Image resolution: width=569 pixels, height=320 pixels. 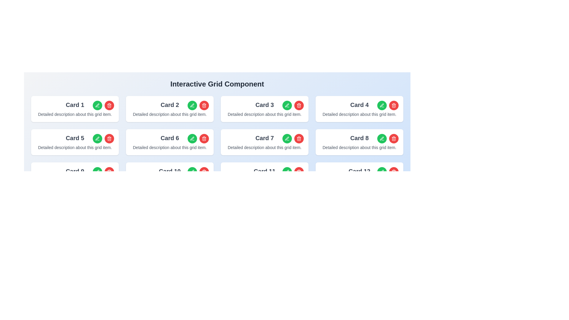 What do you see at coordinates (264, 109) in the screenshot?
I see `the third card component in the grid layout that contains interactive elements such as edit and delete buttons` at bounding box center [264, 109].